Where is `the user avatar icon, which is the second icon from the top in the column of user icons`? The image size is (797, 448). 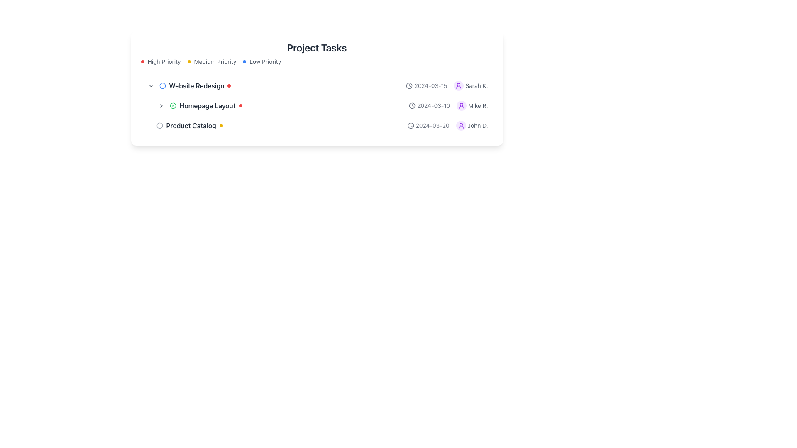
the user avatar icon, which is the second icon from the top in the column of user icons is located at coordinates (460, 126).